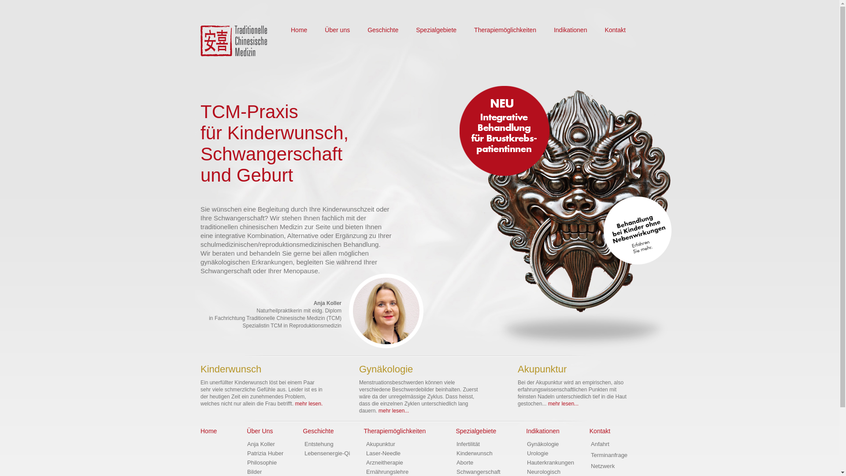  Describe the element at coordinates (614, 30) in the screenshot. I see `'Kontakt'` at that location.